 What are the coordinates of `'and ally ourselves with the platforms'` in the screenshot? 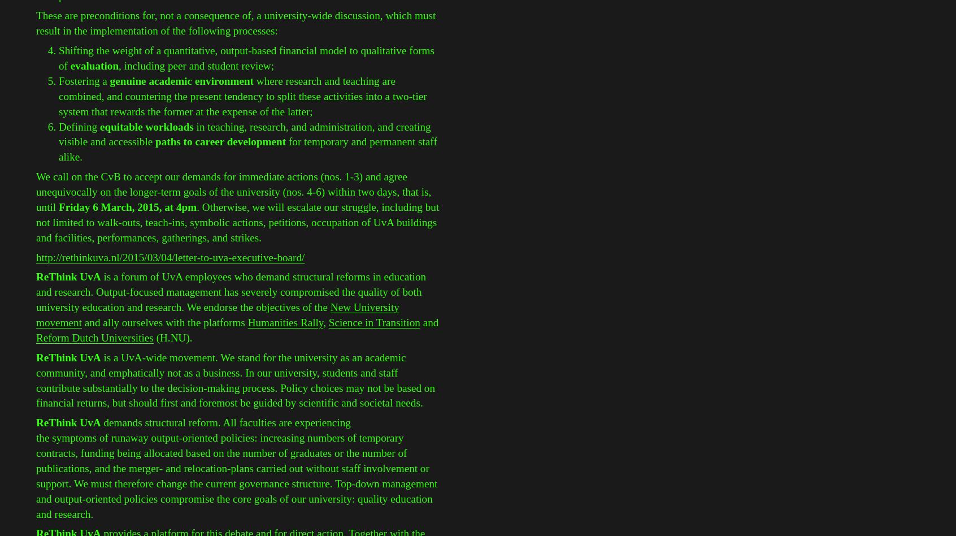 It's located at (164, 322).